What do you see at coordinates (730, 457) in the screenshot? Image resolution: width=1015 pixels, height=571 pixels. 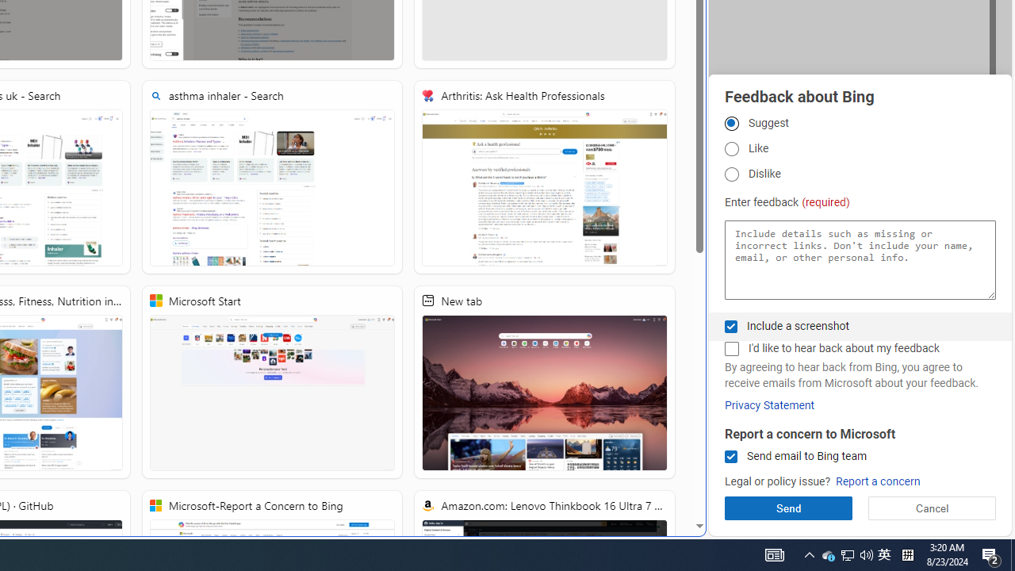 I see `'Send email to Bing team'` at bounding box center [730, 457].